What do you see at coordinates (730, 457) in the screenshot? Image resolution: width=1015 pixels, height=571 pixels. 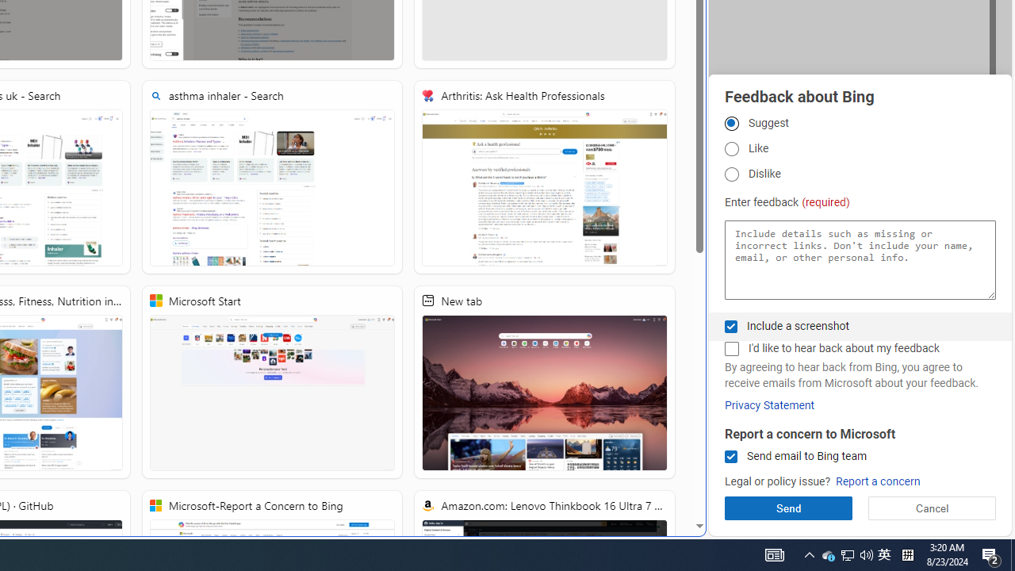 I see `'Send email to Bing team'` at bounding box center [730, 457].